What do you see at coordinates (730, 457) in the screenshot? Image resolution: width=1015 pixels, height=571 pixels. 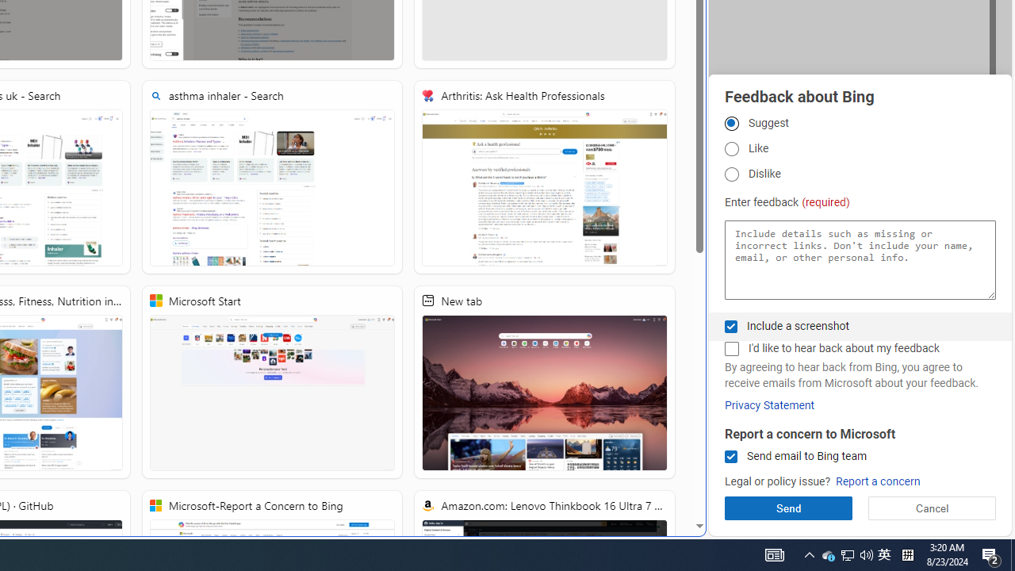 I see `'Send email to Bing team'` at bounding box center [730, 457].